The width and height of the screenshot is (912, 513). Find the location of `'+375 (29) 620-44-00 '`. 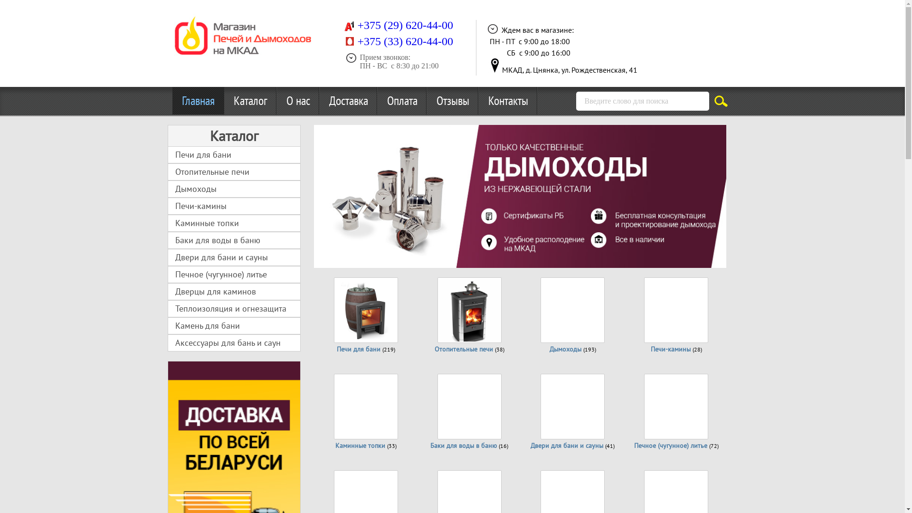

'+375 (29) 620-44-00 ' is located at coordinates (405, 26).